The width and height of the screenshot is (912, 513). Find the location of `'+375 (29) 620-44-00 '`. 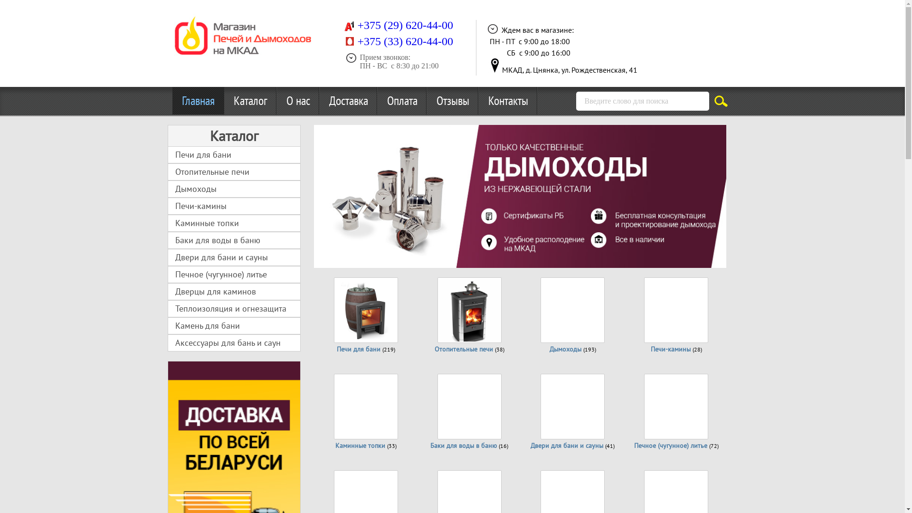

'+375 (29) 620-44-00 ' is located at coordinates (405, 26).